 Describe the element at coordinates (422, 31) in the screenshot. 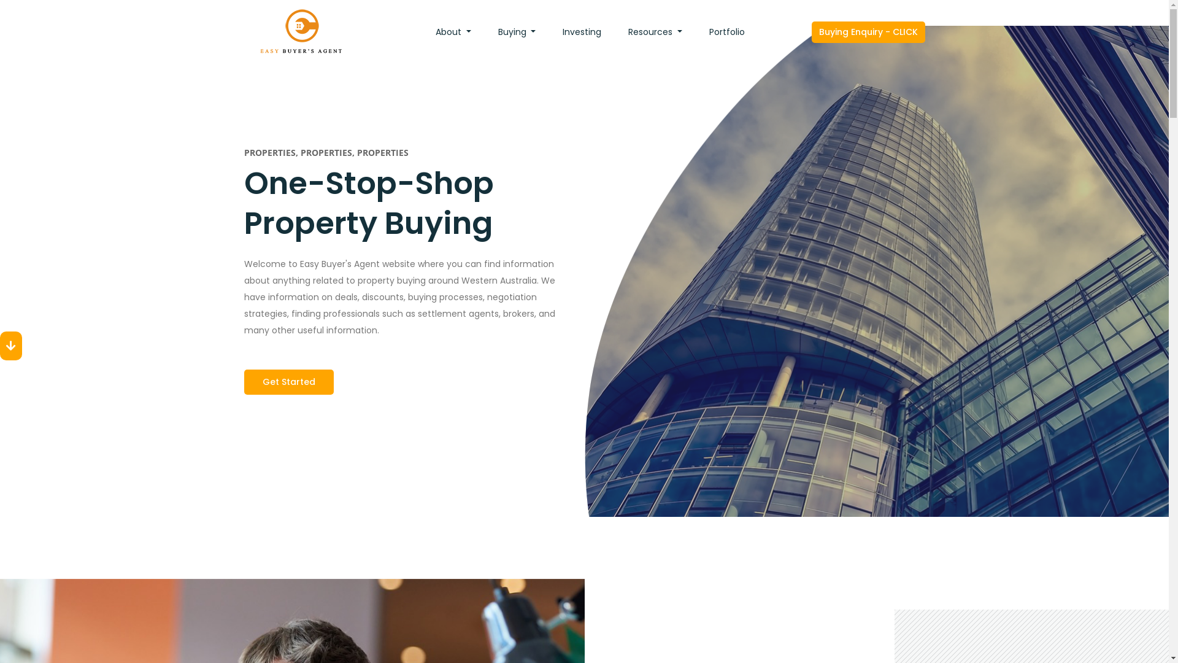

I see `'About'` at that location.